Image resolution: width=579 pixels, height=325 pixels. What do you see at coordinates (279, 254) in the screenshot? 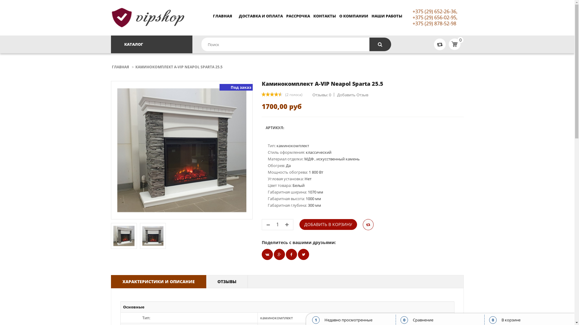
I see `'Google Plus'` at bounding box center [279, 254].